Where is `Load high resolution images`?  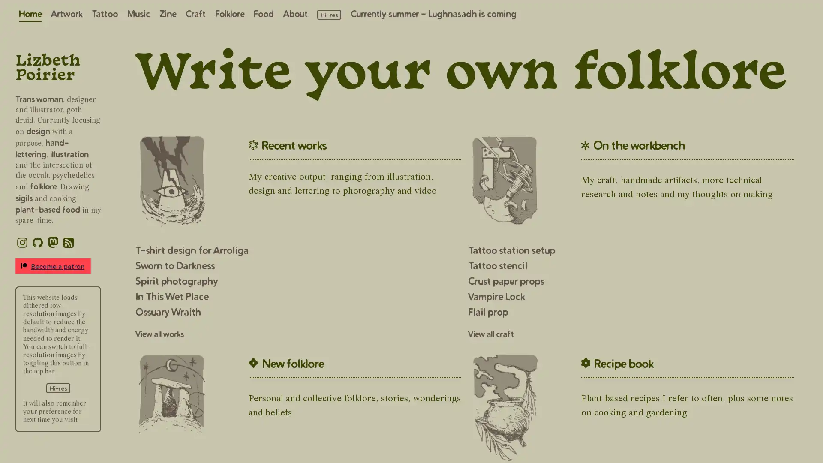
Load high resolution images is located at coordinates (329, 15).